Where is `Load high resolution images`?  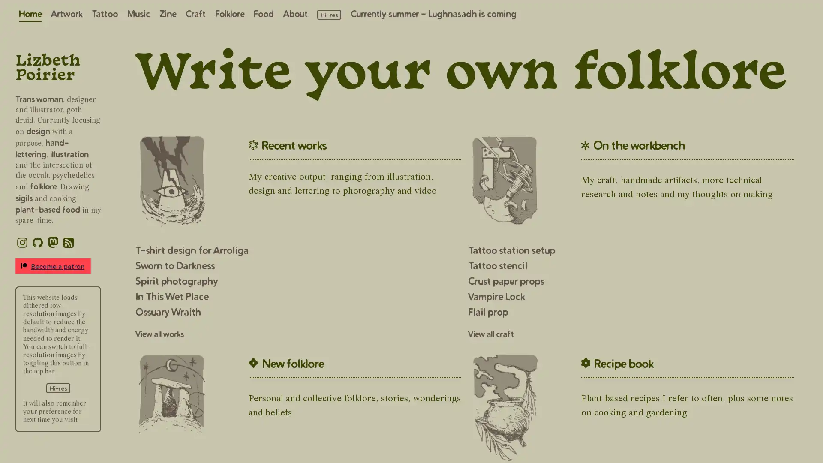
Load high resolution images is located at coordinates (329, 15).